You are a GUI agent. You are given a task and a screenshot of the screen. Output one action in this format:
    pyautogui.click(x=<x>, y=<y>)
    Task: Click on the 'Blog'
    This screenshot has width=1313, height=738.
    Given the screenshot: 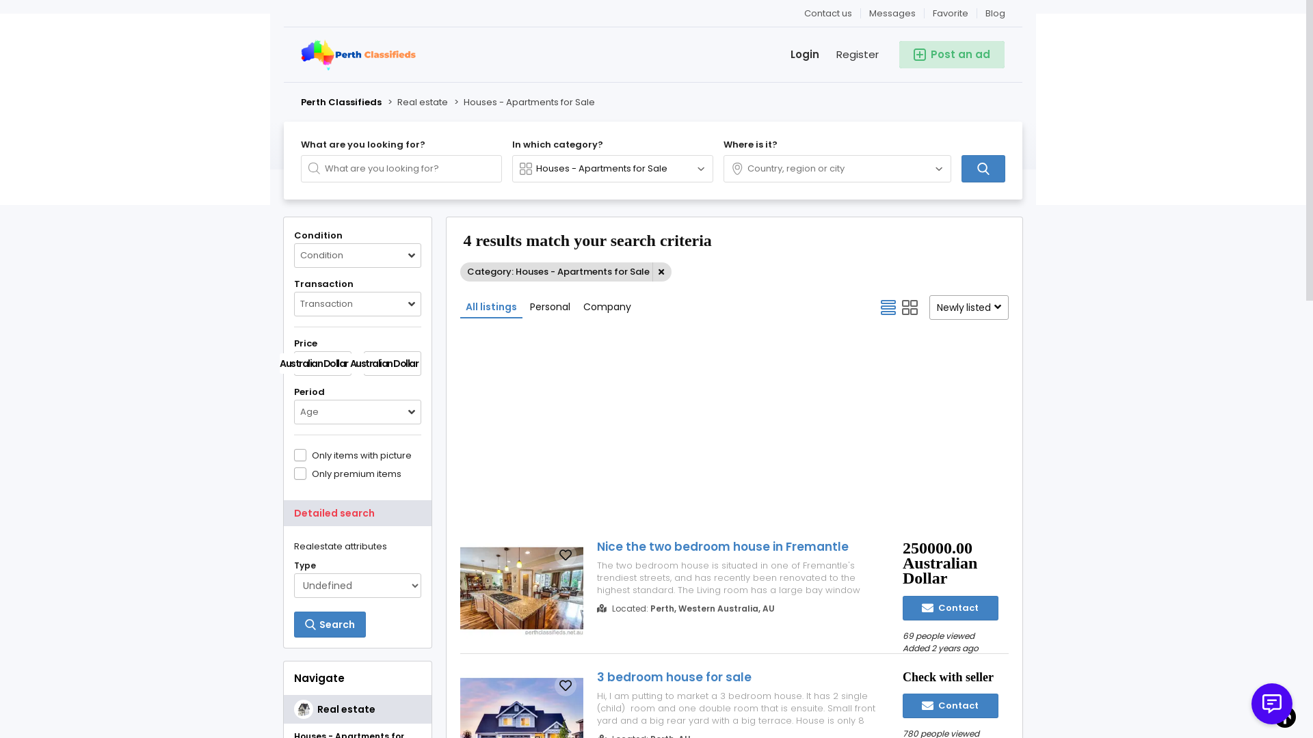 What is the action you would take?
    pyautogui.click(x=977, y=13)
    